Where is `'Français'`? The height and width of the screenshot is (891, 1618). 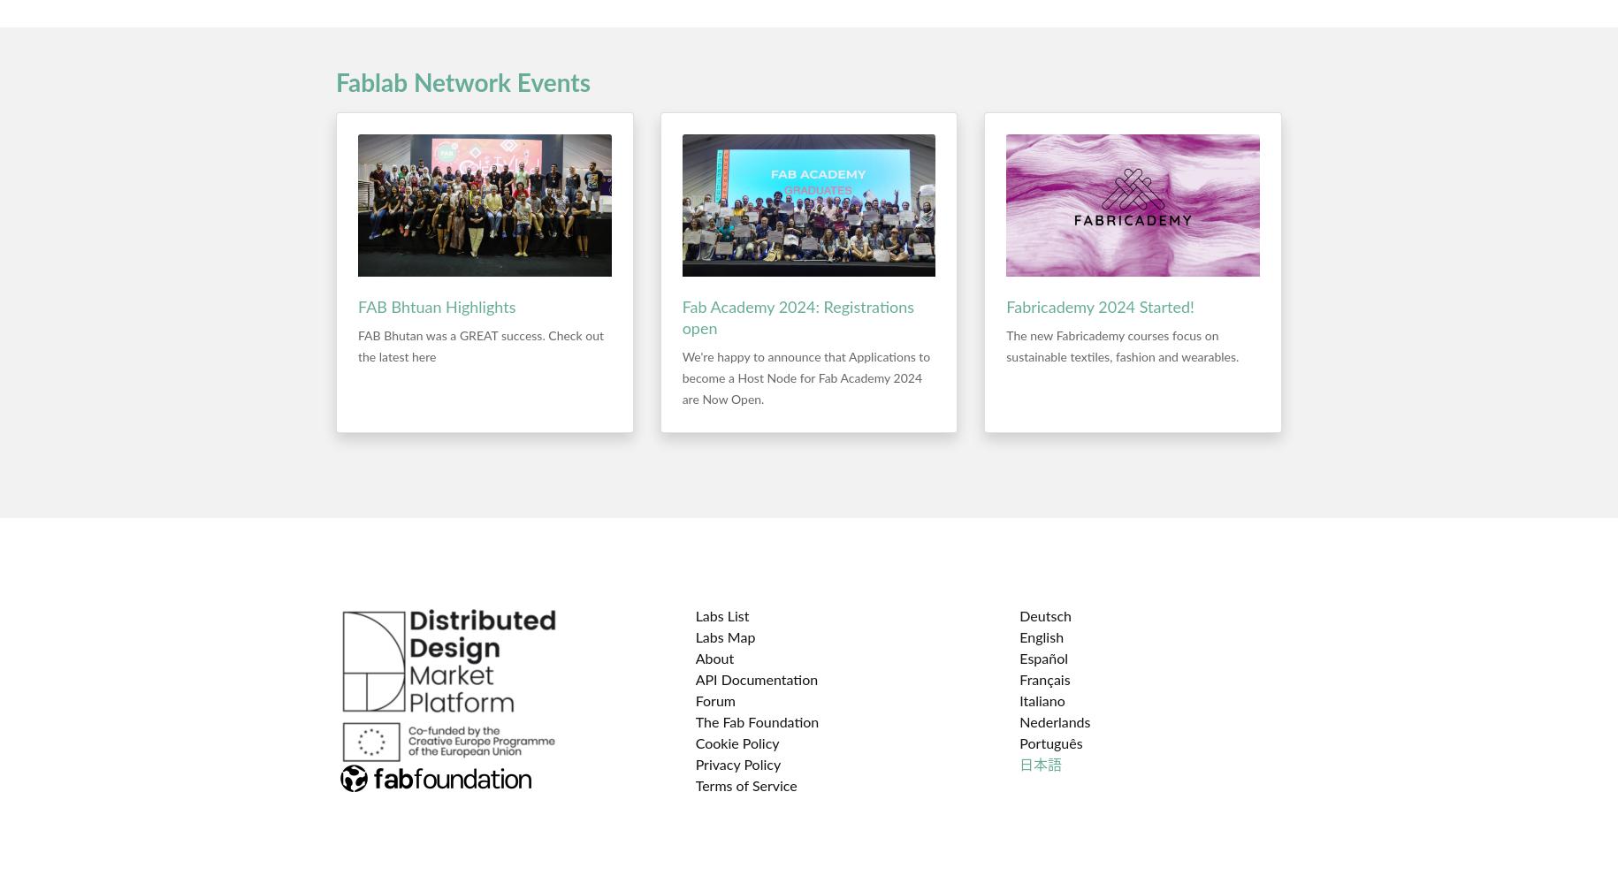
'Français' is located at coordinates (1043, 681).